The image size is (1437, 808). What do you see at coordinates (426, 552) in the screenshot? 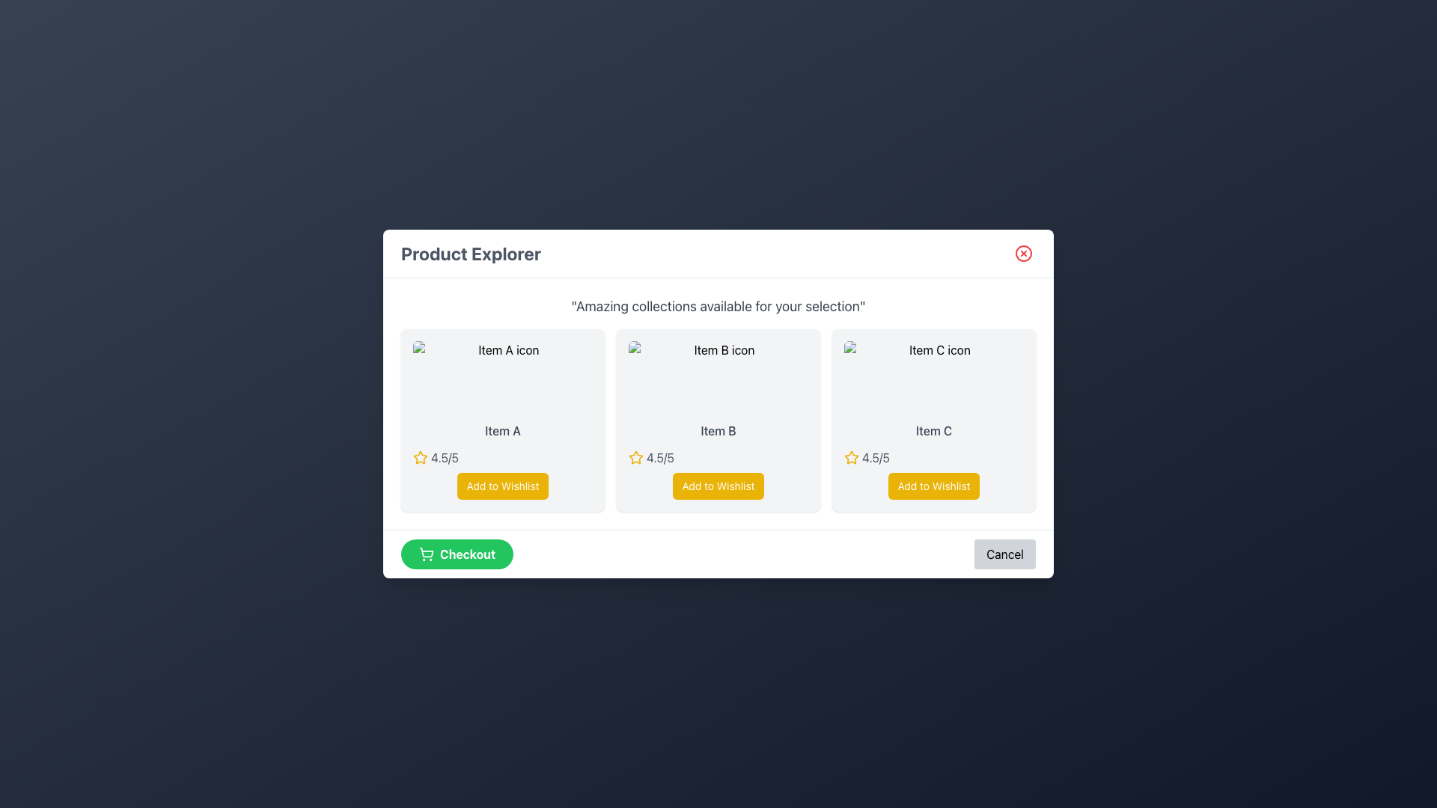
I see `the shopping cart icon element, which is a curved shape with a thin stroke, located at the bottom-left corner of the green 'Checkout' button` at bounding box center [426, 552].